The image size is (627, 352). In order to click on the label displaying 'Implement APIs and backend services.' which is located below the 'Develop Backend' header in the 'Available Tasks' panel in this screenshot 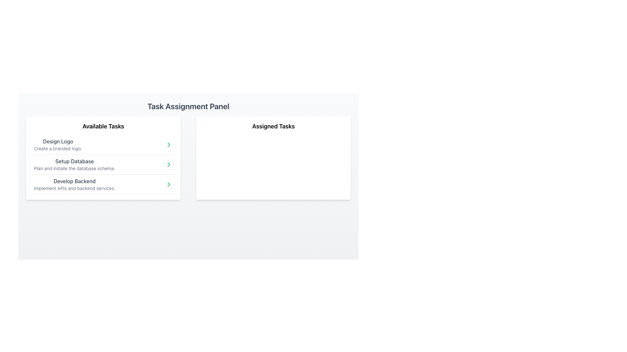, I will do `click(74, 188)`.